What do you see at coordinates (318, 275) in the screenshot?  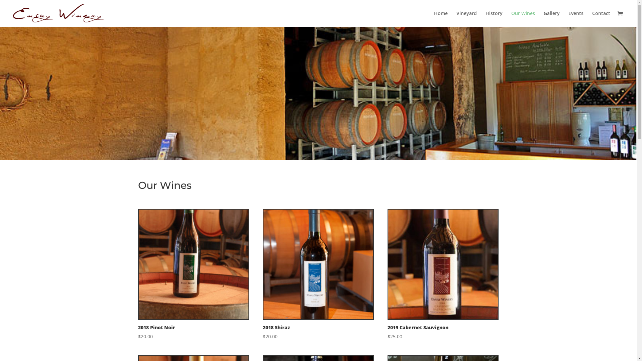 I see `'2018 Shiraz` at bounding box center [318, 275].